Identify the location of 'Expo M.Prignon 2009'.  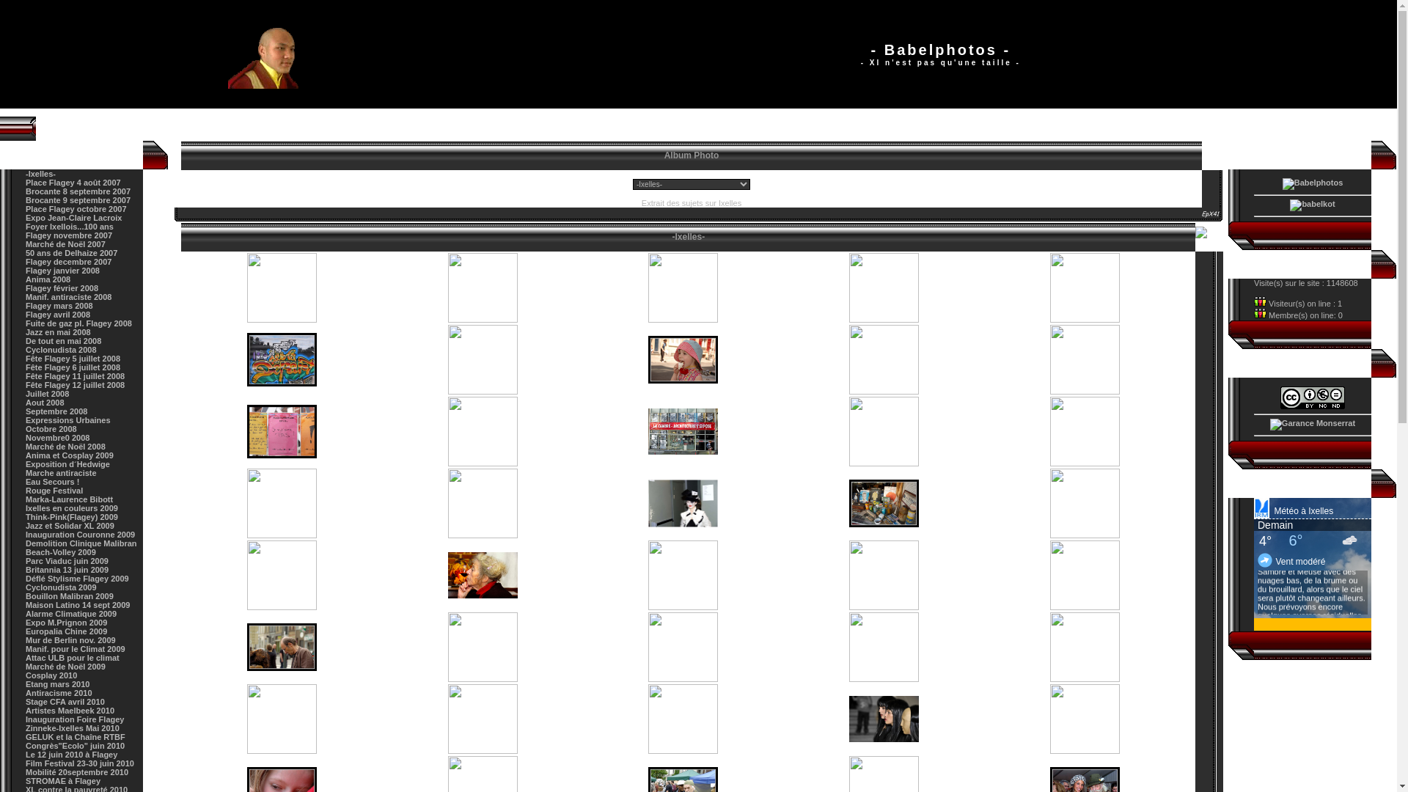
(65, 622).